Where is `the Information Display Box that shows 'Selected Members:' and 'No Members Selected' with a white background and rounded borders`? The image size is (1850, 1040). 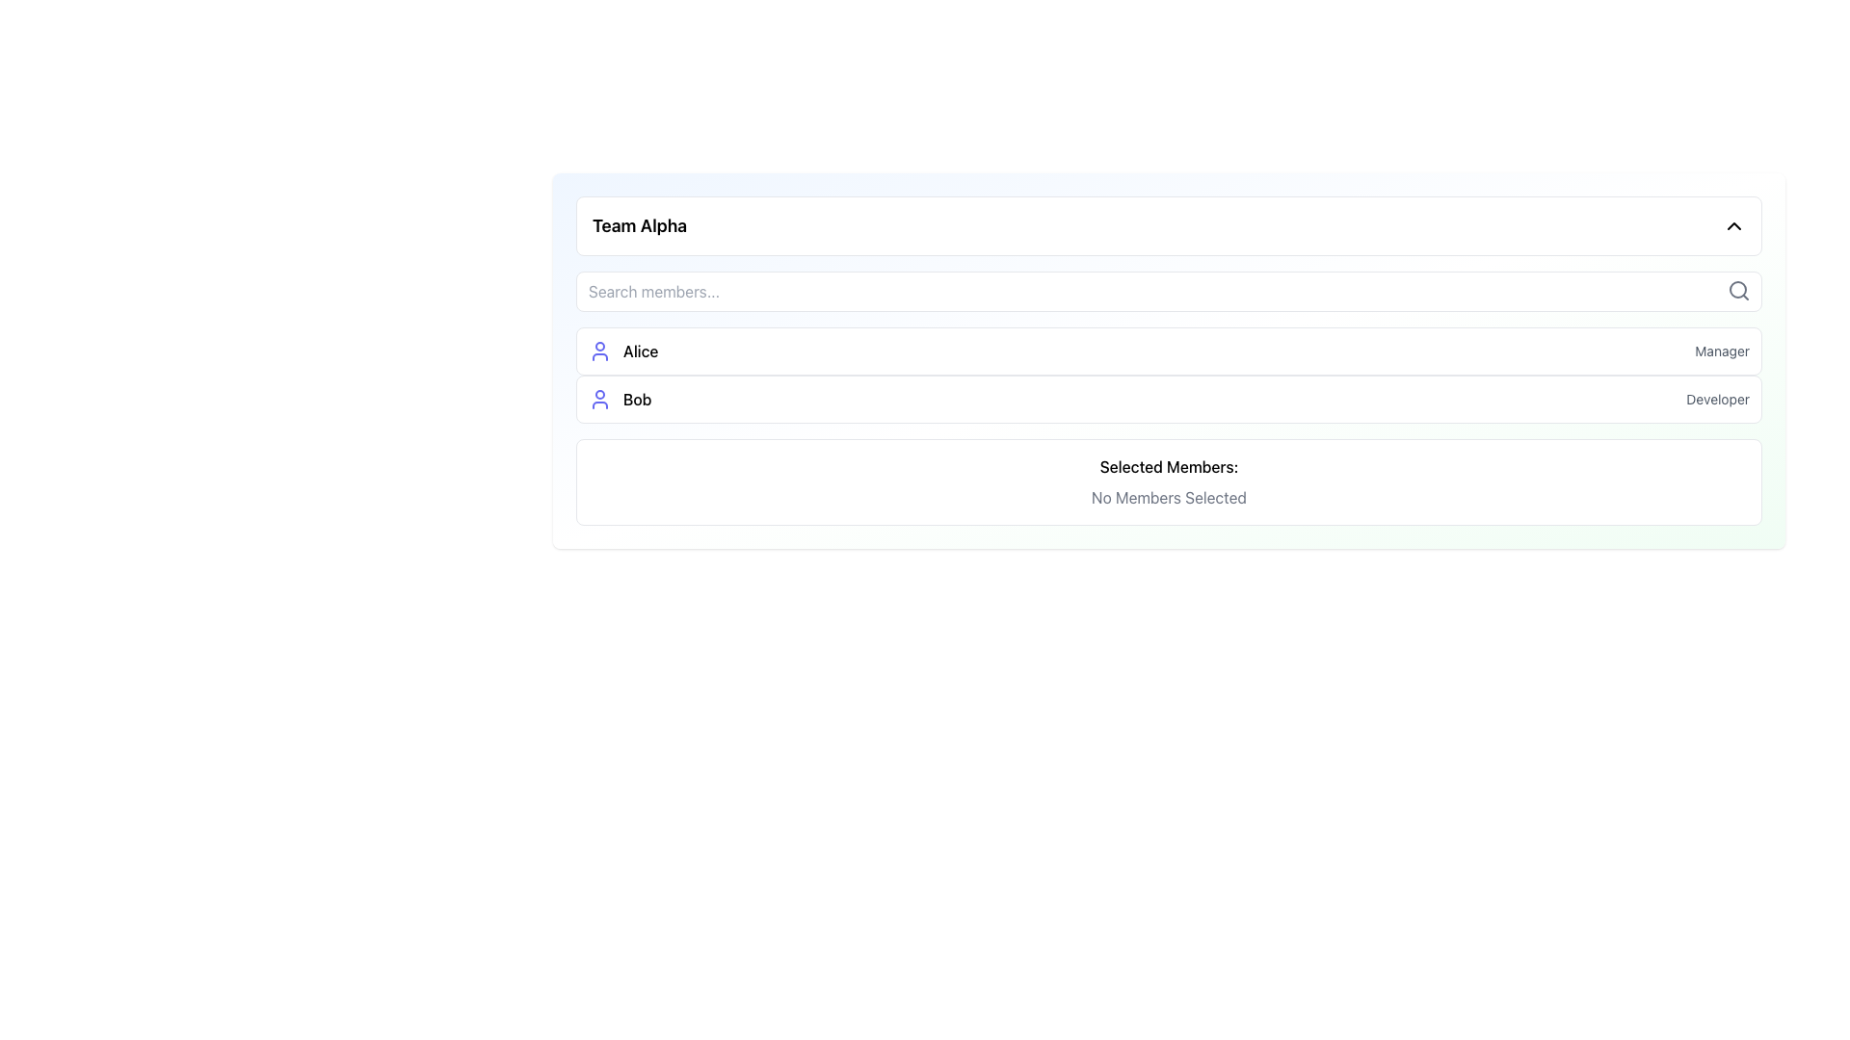
the Information Display Box that shows 'Selected Members:' and 'No Members Selected' with a white background and rounded borders is located at coordinates (1168, 481).